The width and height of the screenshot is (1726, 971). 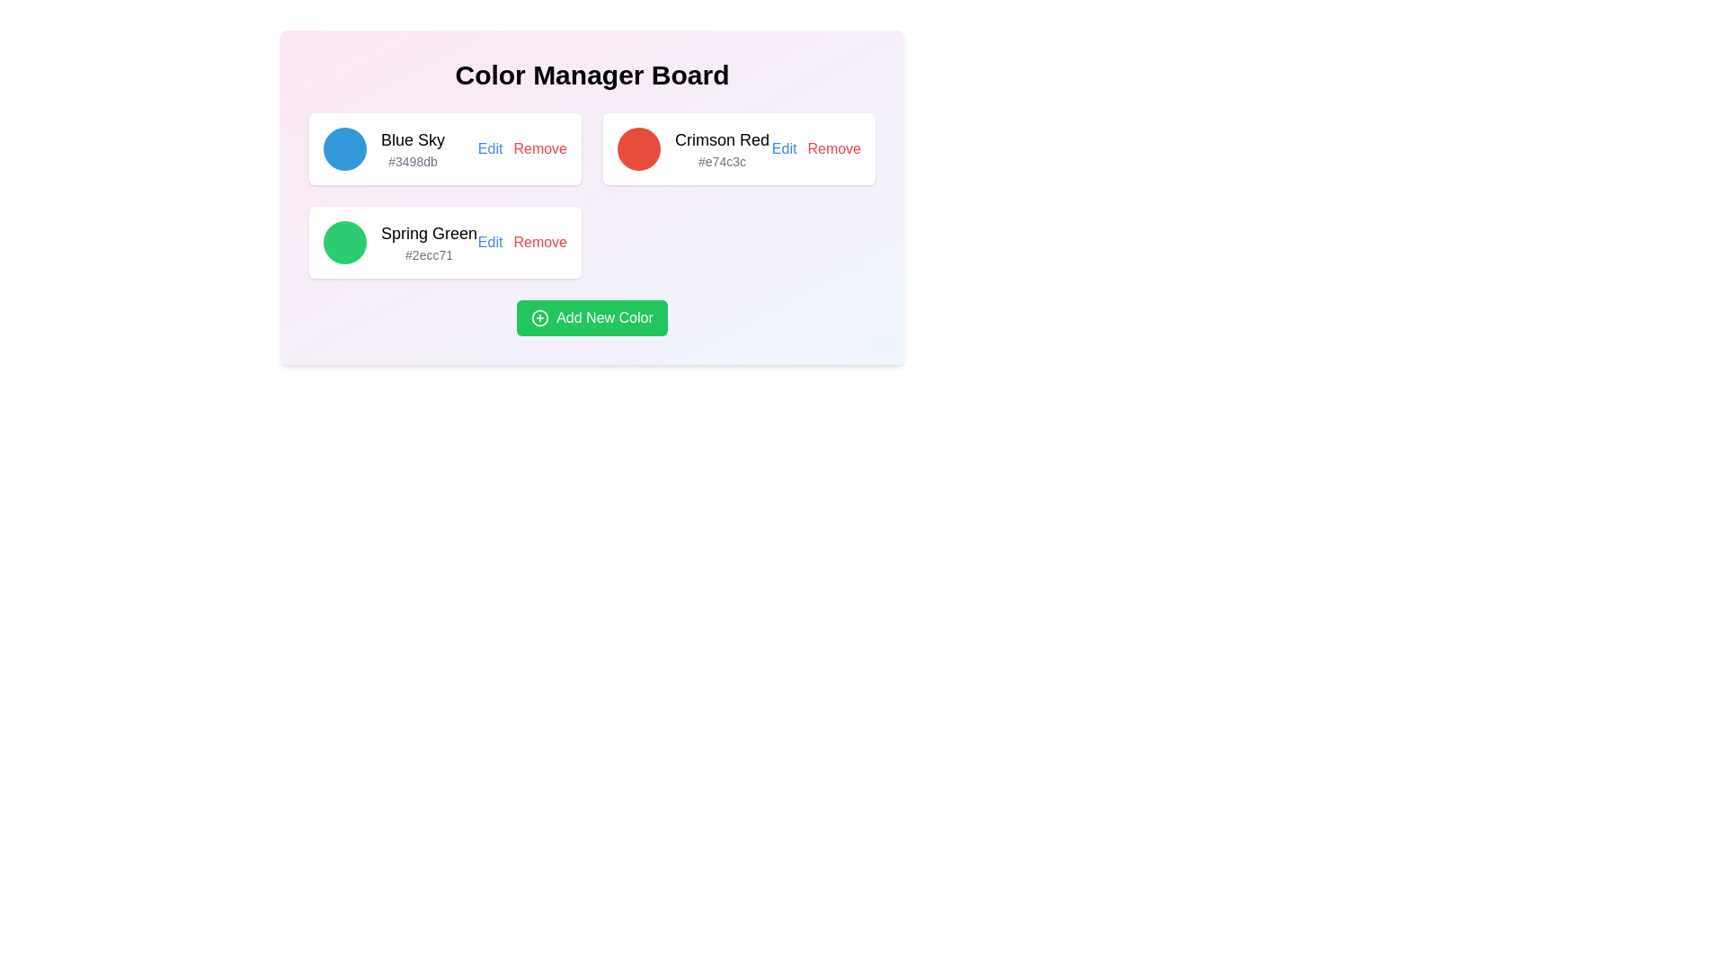 What do you see at coordinates (692, 147) in the screenshot?
I see `the 'Crimson Red' color entry, which includes the text label and circular icon` at bounding box center [692, 147].